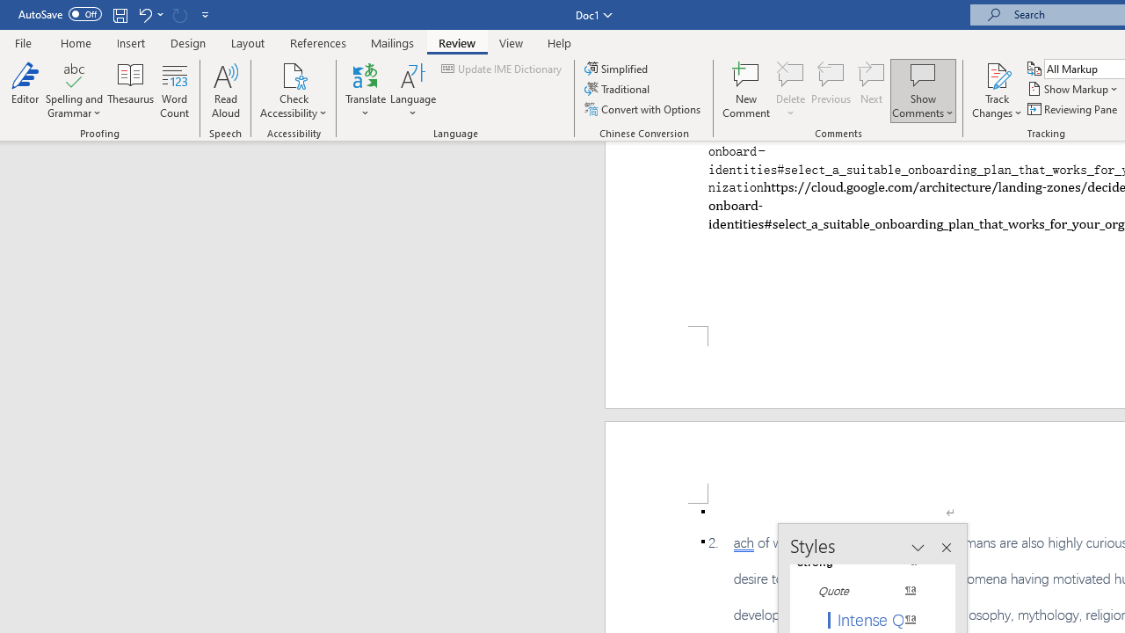  Describe the element at coordinates (74, 74) in the screenshot. I see `'Spelling and Grammar'` at that location.